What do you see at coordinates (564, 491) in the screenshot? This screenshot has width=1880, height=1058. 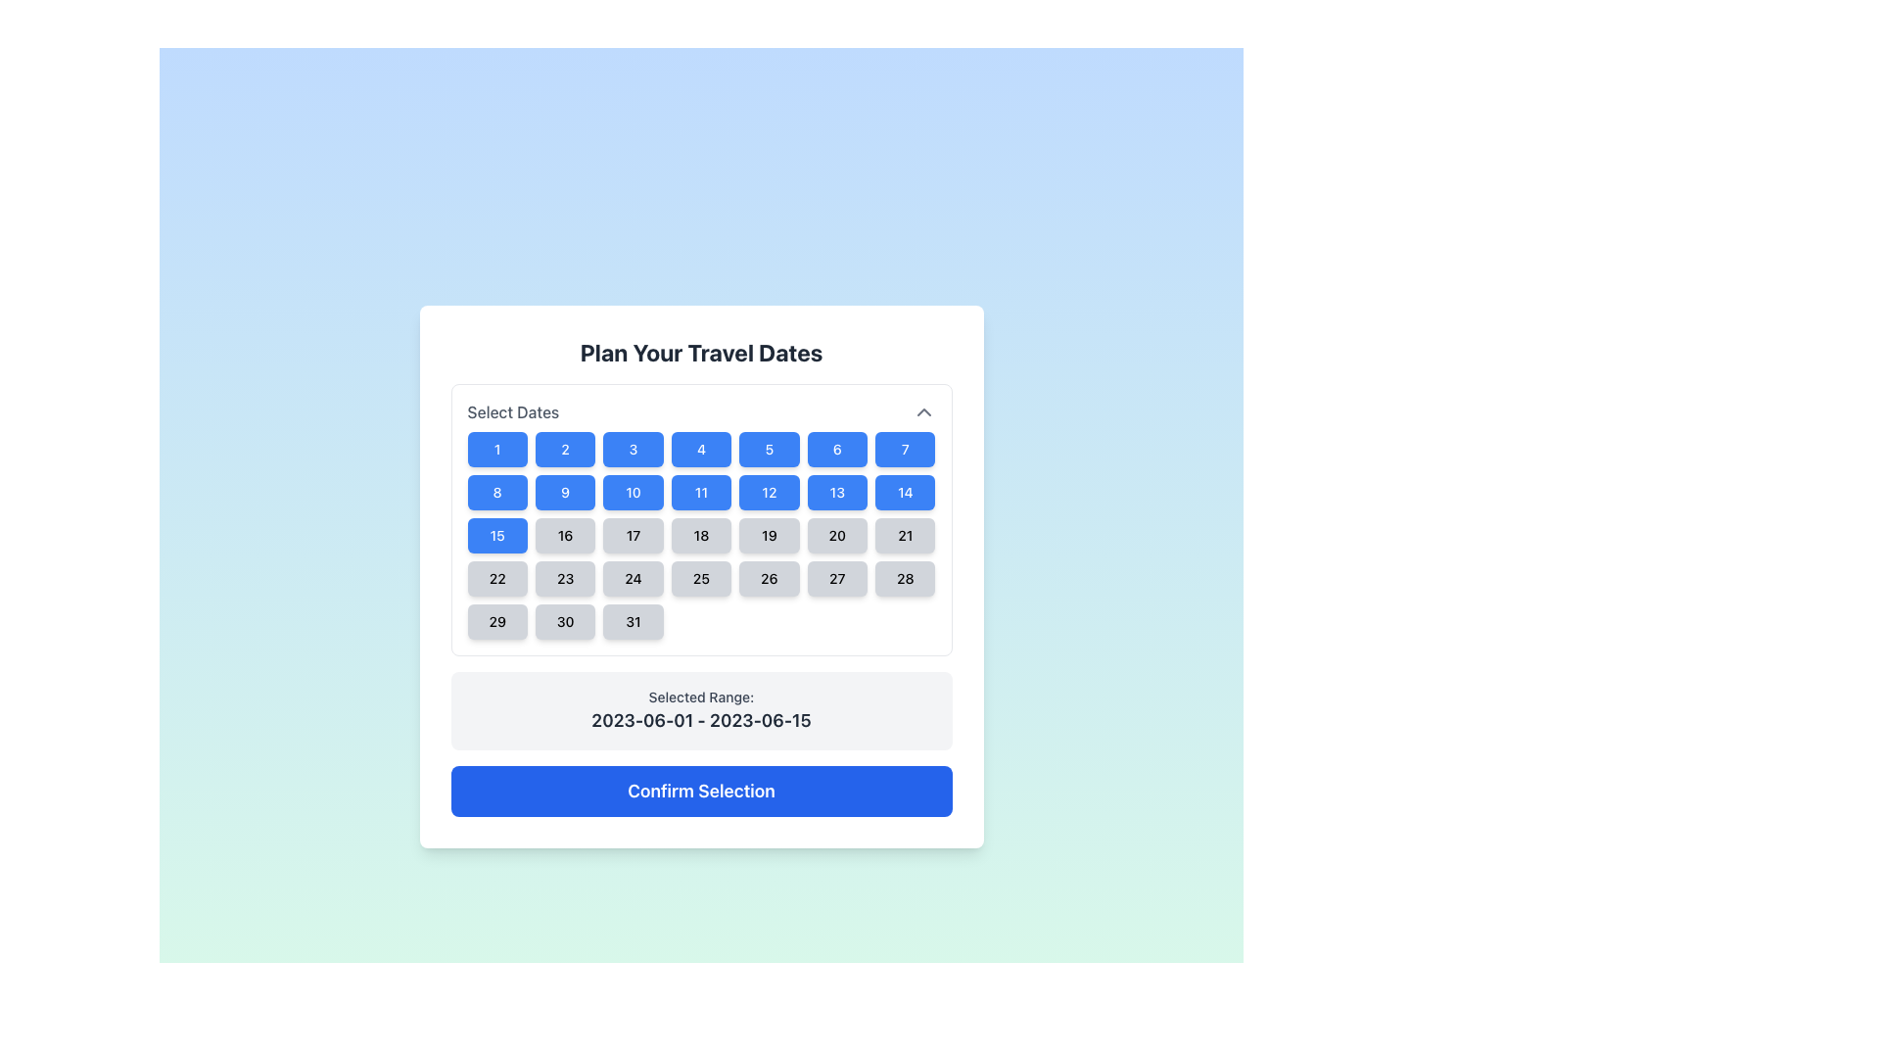 I see `the rounded rectangular button with a blue background and white text displaying the number '9' in the calendar grid layout` at bounding box center [564, 491].